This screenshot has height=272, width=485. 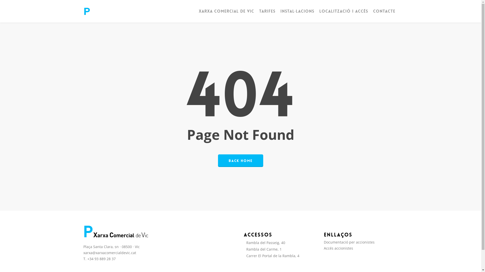 I want to click on 'Back Home', so click(x=240, y=160).